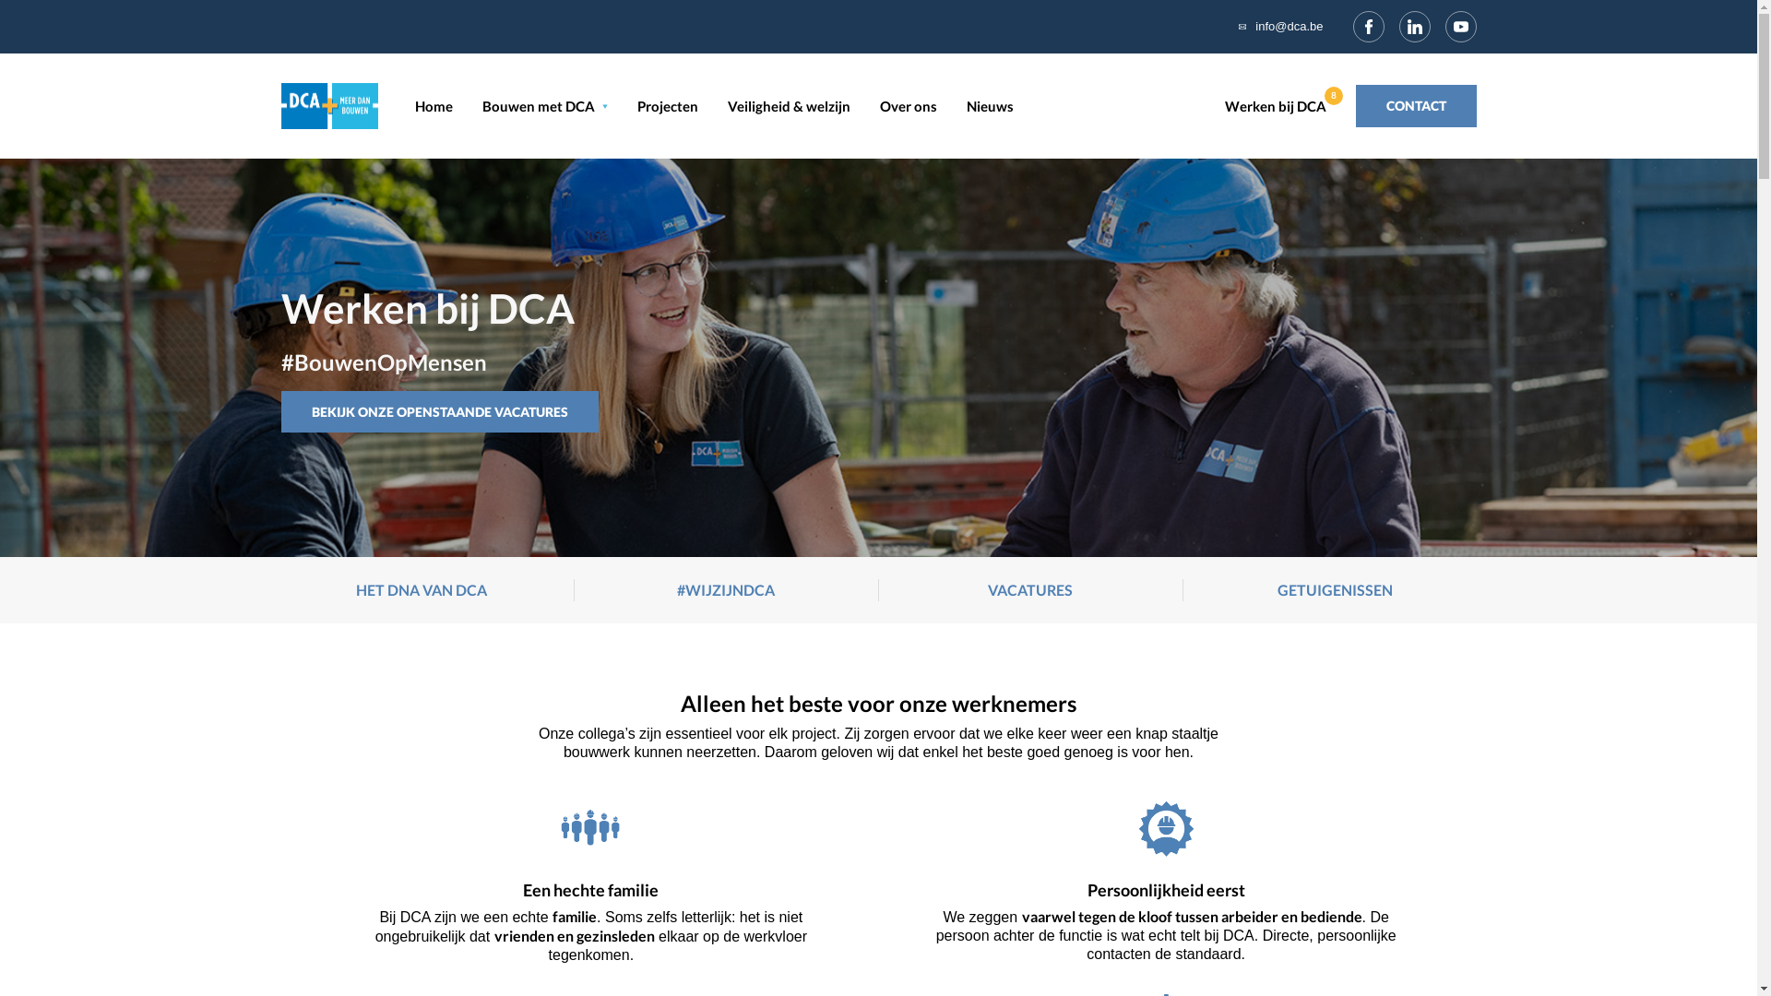 This screenshot has height=996, width=1771. What do you see at coordinates (1165, 827) in the screenshot?
I see `'icoon-persoonlijkheid'` at bounding box center [1165, 827].